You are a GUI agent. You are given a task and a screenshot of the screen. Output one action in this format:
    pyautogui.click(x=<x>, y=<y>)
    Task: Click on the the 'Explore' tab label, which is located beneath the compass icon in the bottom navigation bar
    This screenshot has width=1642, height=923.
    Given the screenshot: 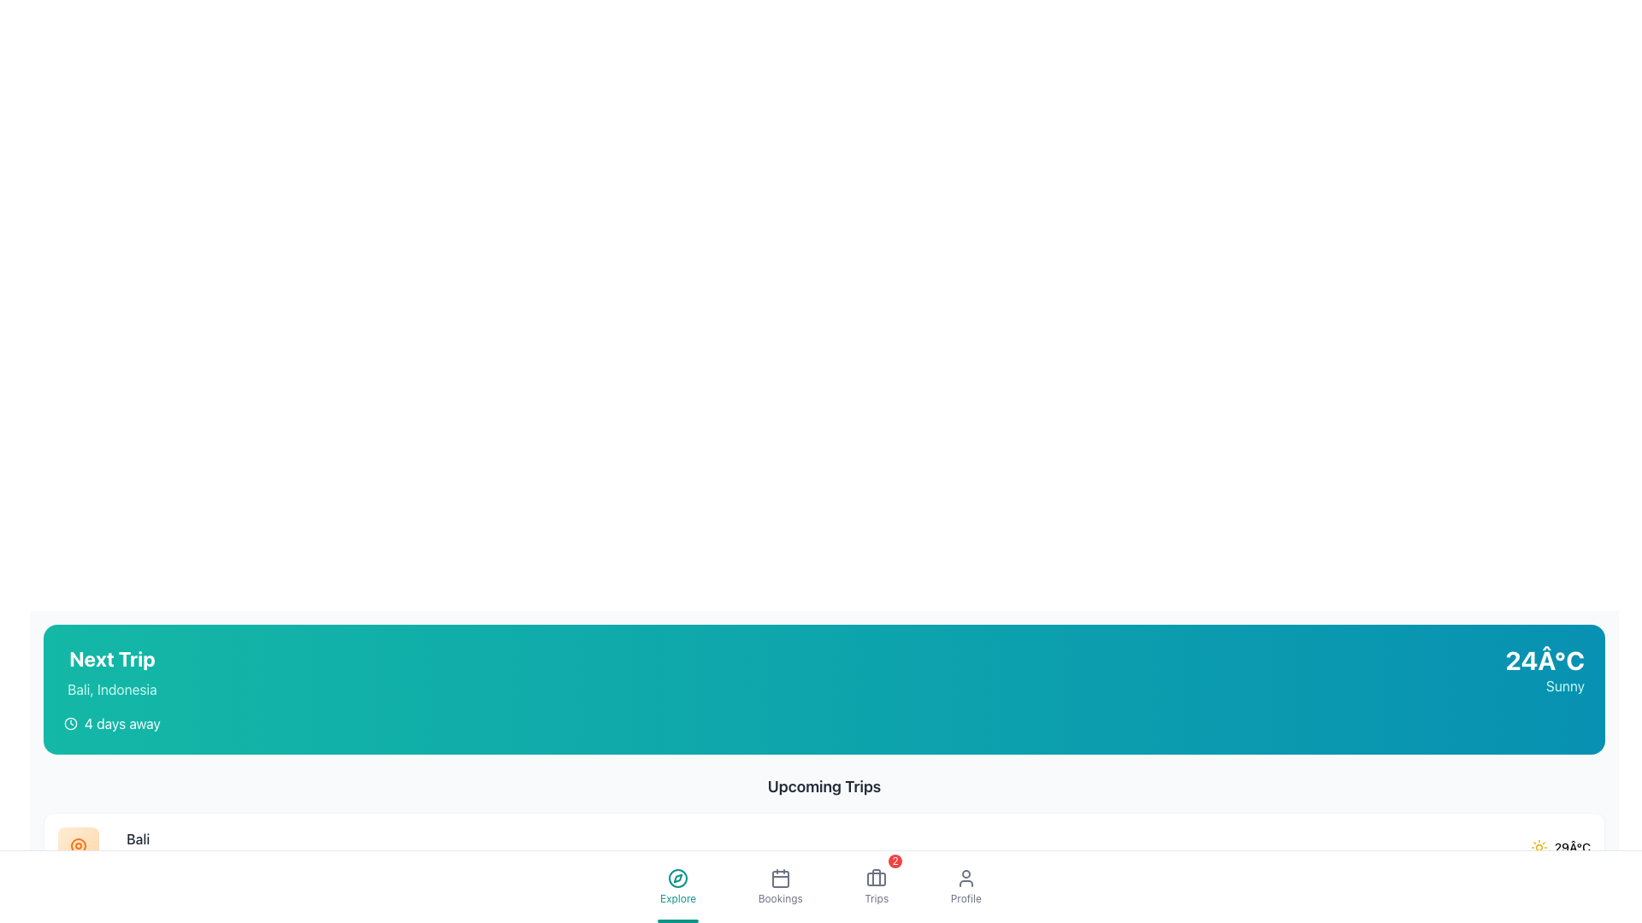 What is the action you would take?
    pyautogui.click(x=677, y=898)
    